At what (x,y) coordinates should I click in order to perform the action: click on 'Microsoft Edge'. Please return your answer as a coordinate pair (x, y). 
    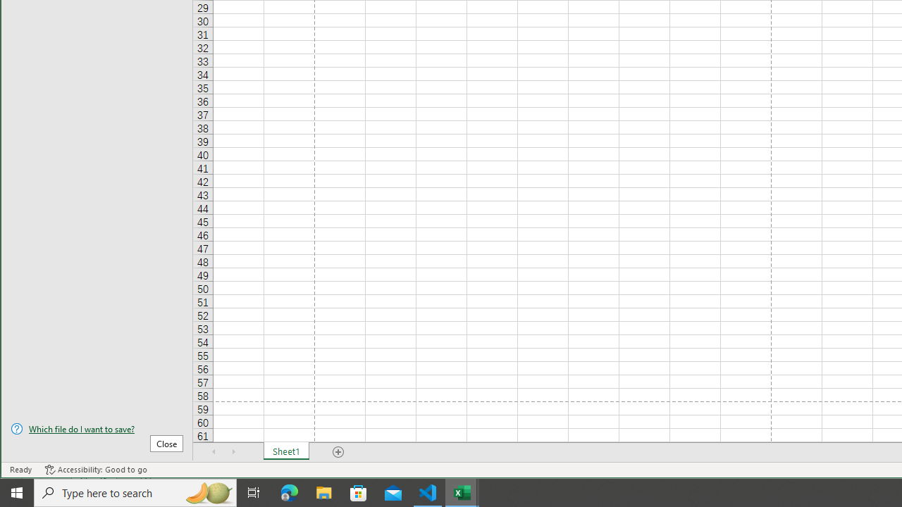
    Looking at the image, I should click on (289, 492).